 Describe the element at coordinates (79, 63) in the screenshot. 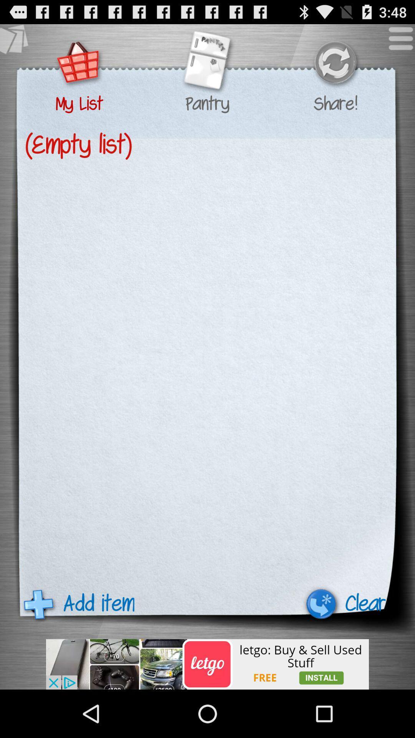

I see `mh` at that location.